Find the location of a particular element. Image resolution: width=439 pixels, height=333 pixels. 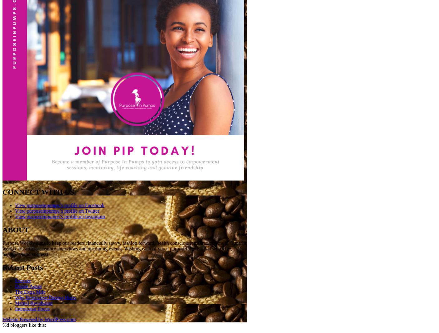

'The Extra Mile' is located at coordinates (30, 291).